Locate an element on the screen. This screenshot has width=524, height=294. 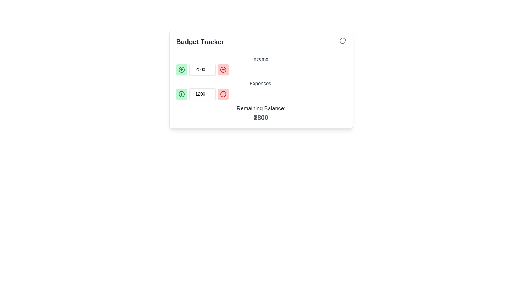
the second text label indicating the section for expenses, positioned below 'Income:' and above the input fields and buttons is located at coordinates (261, 84).